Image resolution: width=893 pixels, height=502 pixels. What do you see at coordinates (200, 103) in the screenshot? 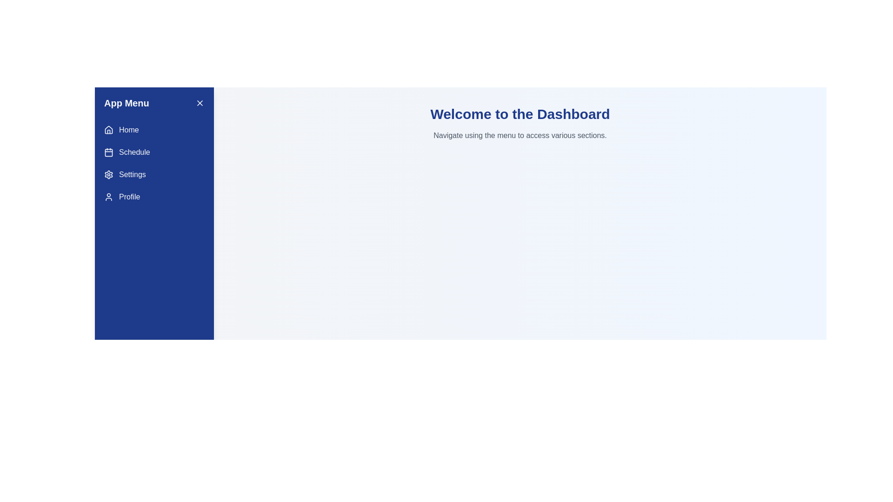
I see `toggle button to close the drawer` at bounding box center [200, 103].